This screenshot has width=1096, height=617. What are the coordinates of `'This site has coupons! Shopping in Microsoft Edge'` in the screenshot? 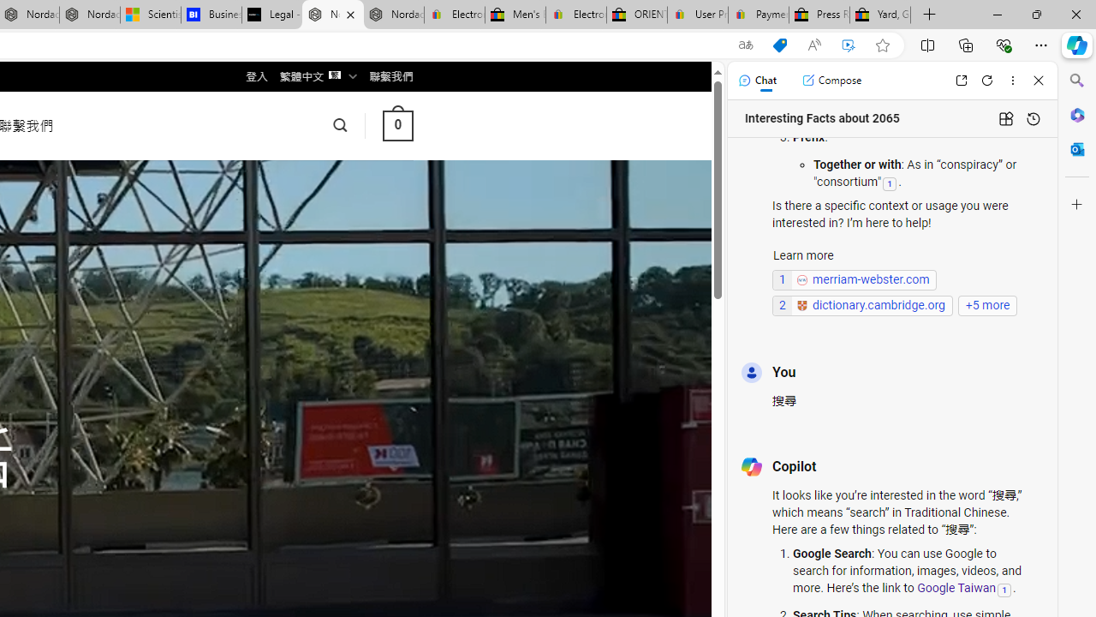 It's located at (778, 45).